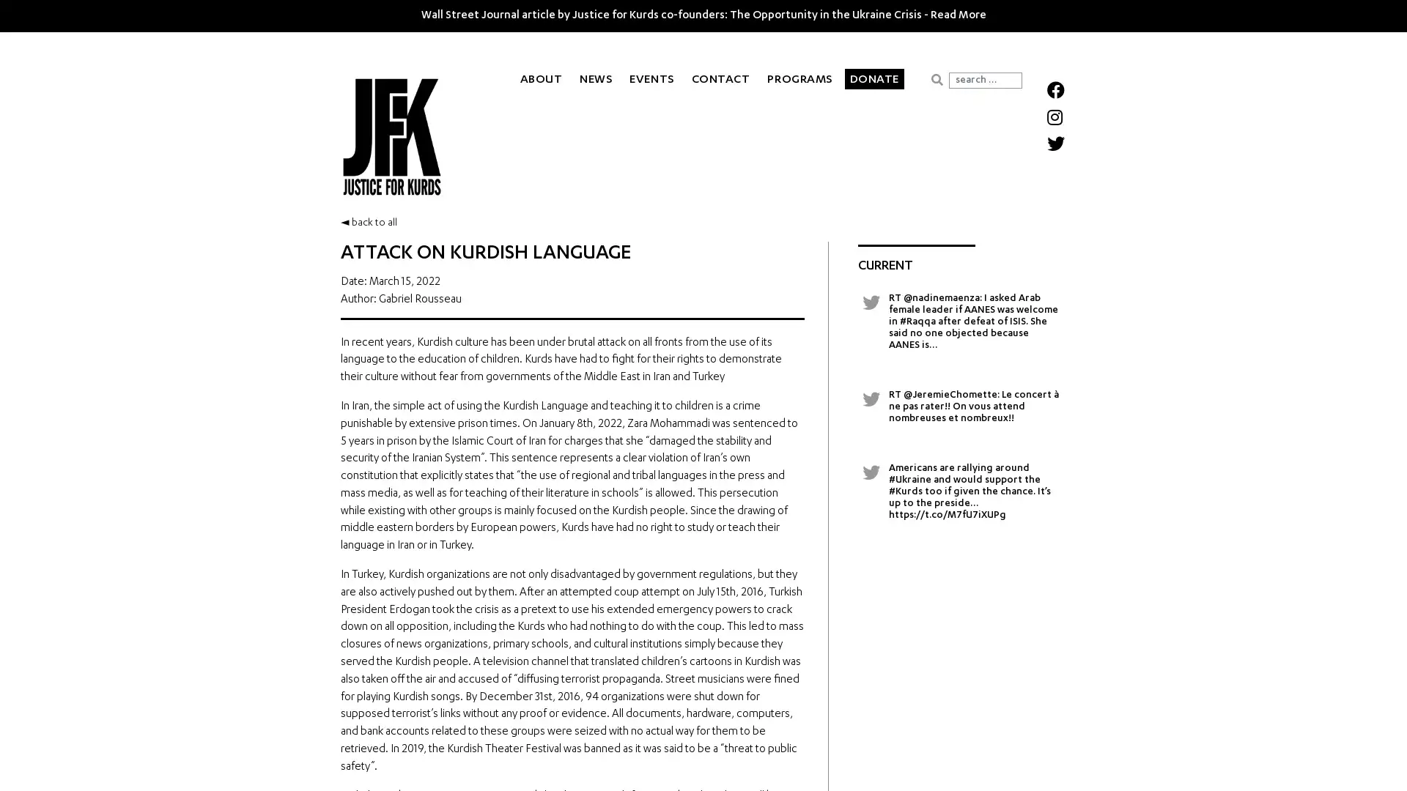 This screenshot has width=1407, height=791. What do you see at coordinates (936, 79) in the screenshot?
I see `Search` at bounding box center [936, 79].